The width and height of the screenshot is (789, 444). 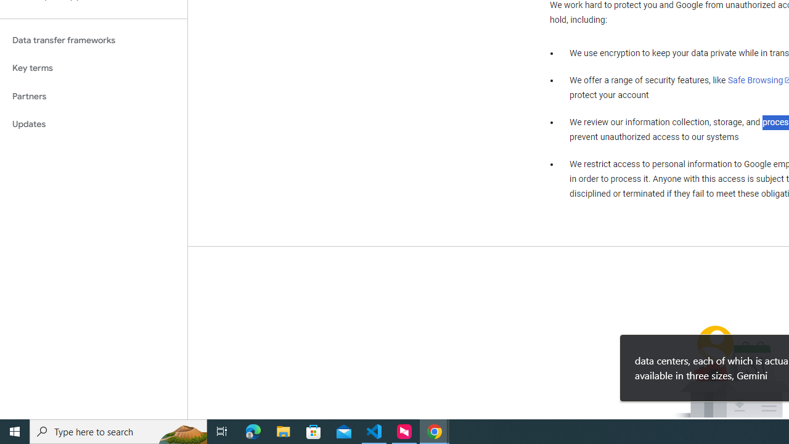 What do you see at coordinates (93, 124) in the screenshot?
I see `'Updates'` at bounding box center [93, 124].